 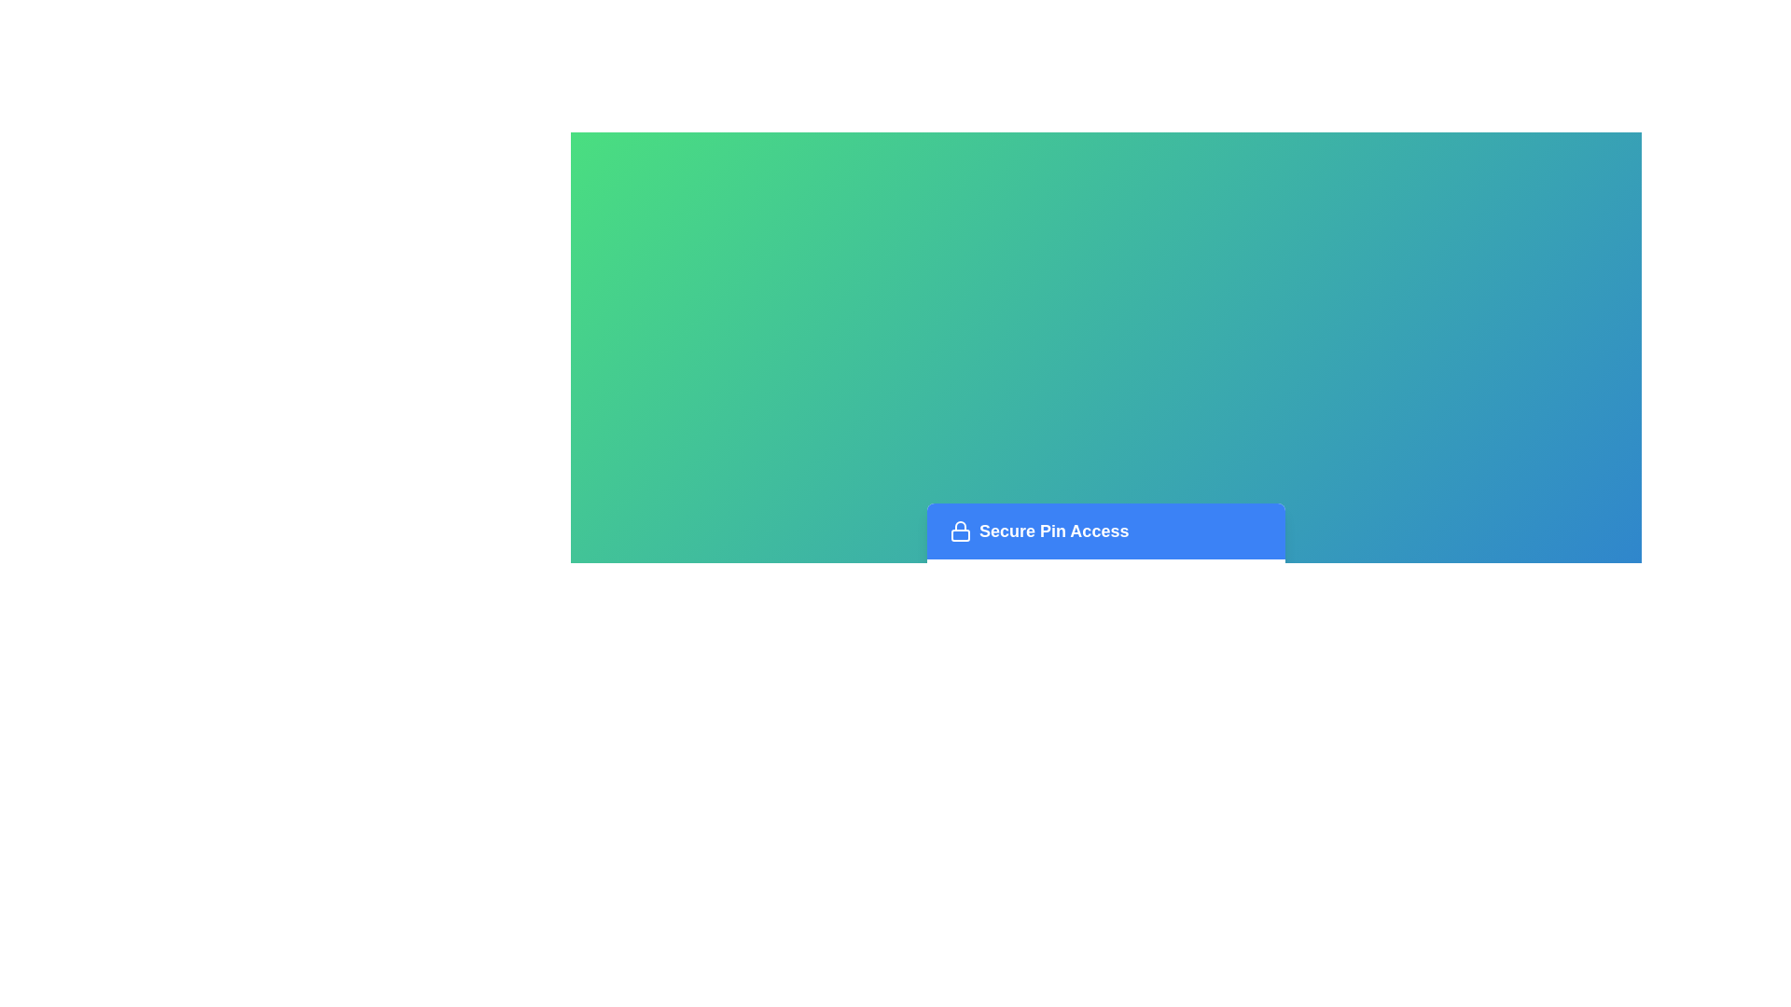 What do you see at coordinates (961, 535) in the screenshot?
I see `the bottom rectangular part of the lock icon, which is part of the security feature, located next to the 'Secure Pin Access' label` at bounding box center [961, 535].